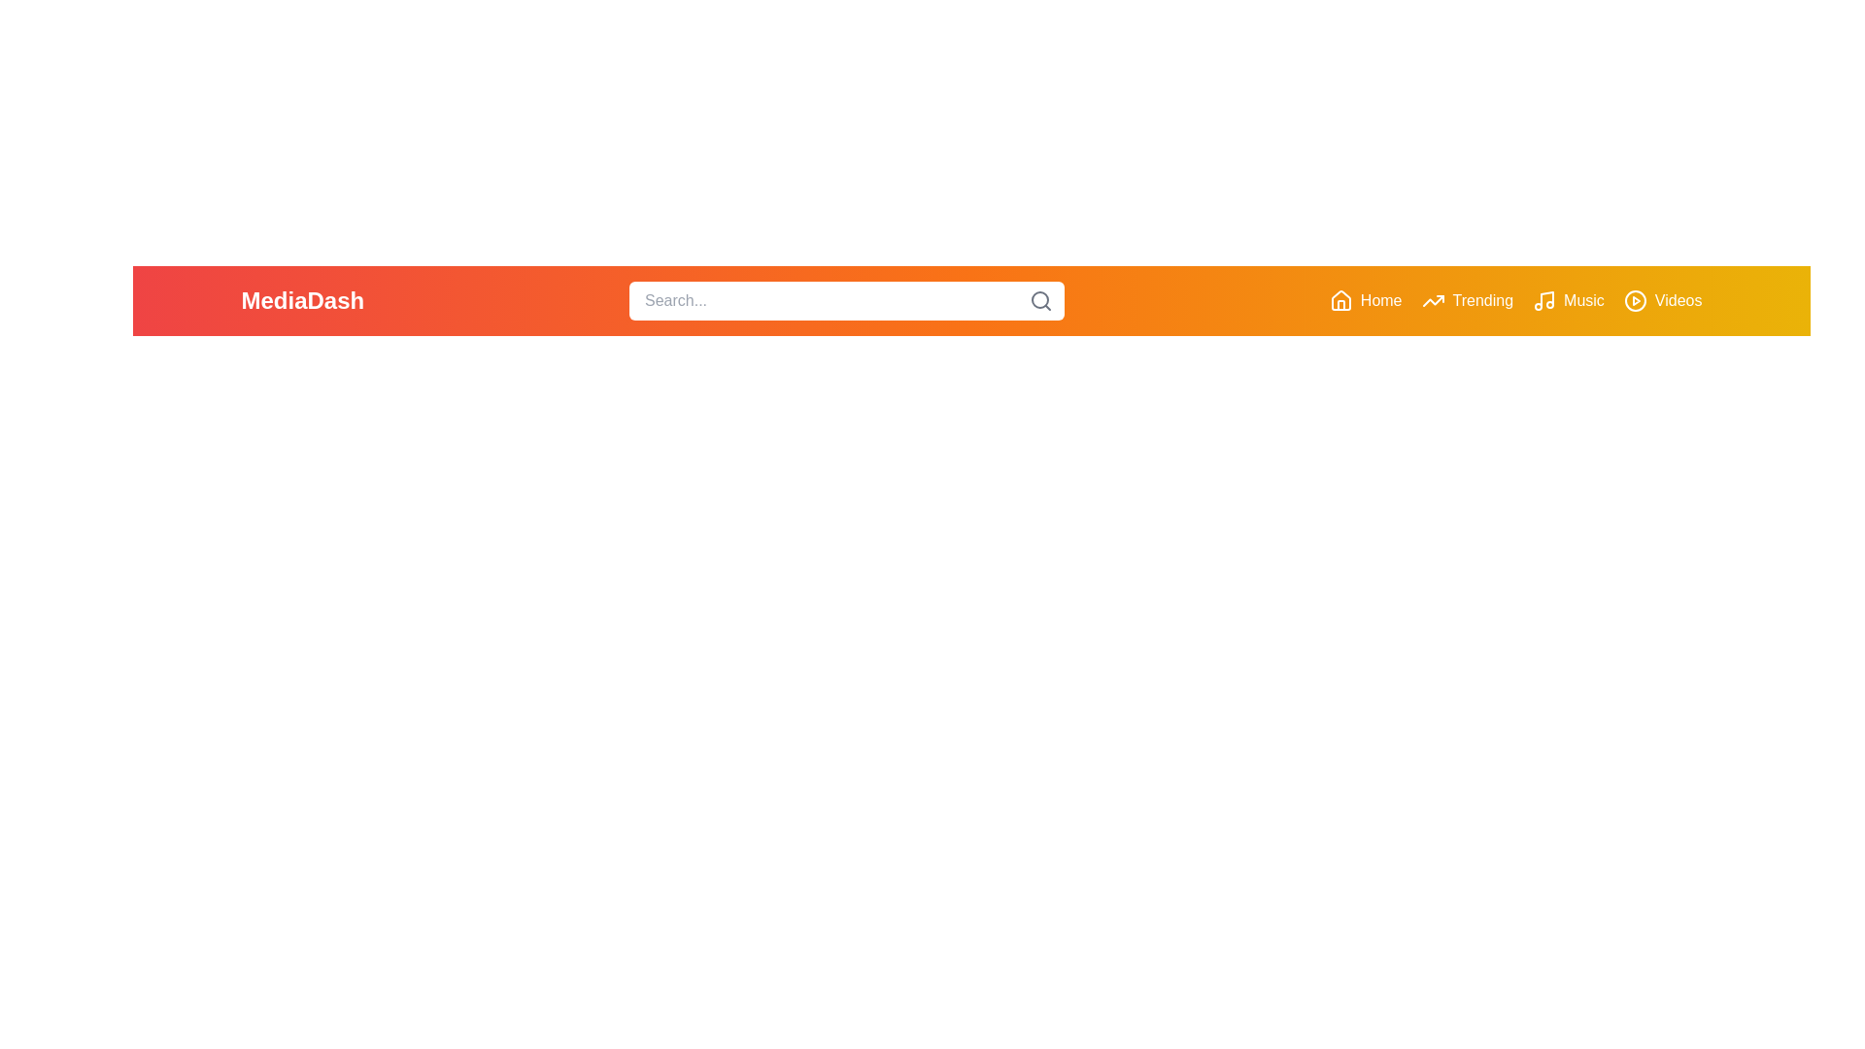 Image resolution: width=1865 pixels, height=1049 pixels. Describe the element at coordinates (1365, 300) in the screenshot. I see `the Home button in the navigation bar` at that location.